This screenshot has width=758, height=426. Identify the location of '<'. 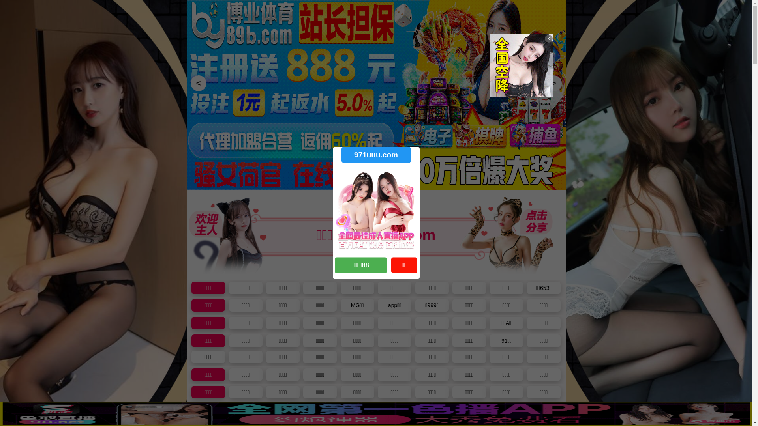
(198, 83).